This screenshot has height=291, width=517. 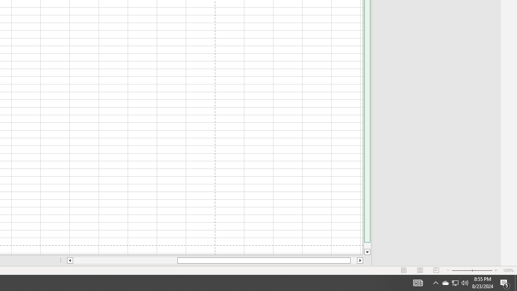 I want to click on 'Page right', so click(x=354, y=260).